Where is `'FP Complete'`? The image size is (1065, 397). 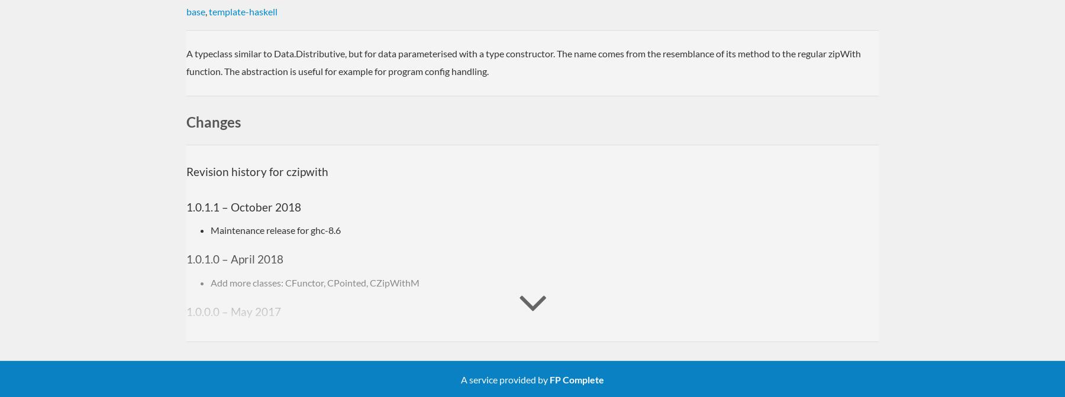
'FP Complete' is located at coordinates (576, 379).